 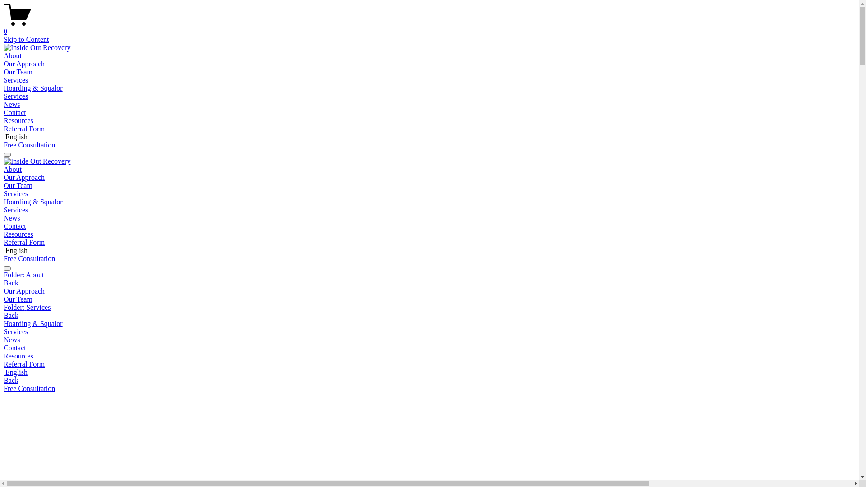 I want to click on 'News', so click(x=11, y=104).